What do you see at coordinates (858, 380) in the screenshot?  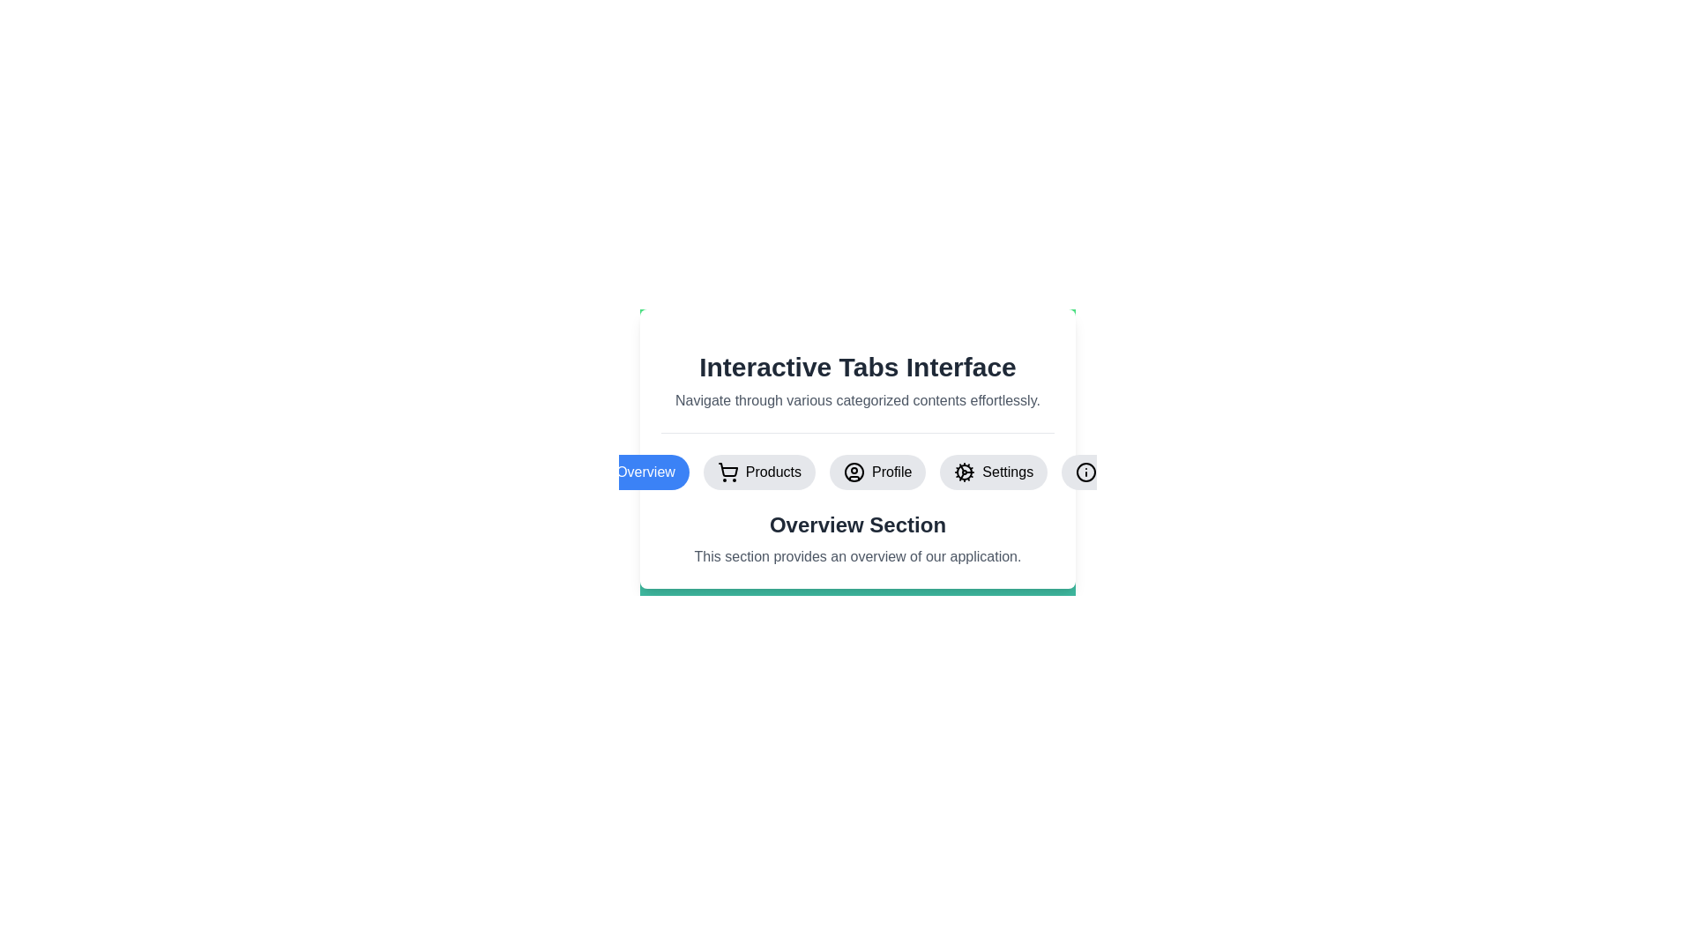 I see `text content of the textual information display component located centrally above the tab buttons labeled 'Overview', 'Products', 'Profile', 'Settings', and 'Info'` at bounding box center [858, 380].